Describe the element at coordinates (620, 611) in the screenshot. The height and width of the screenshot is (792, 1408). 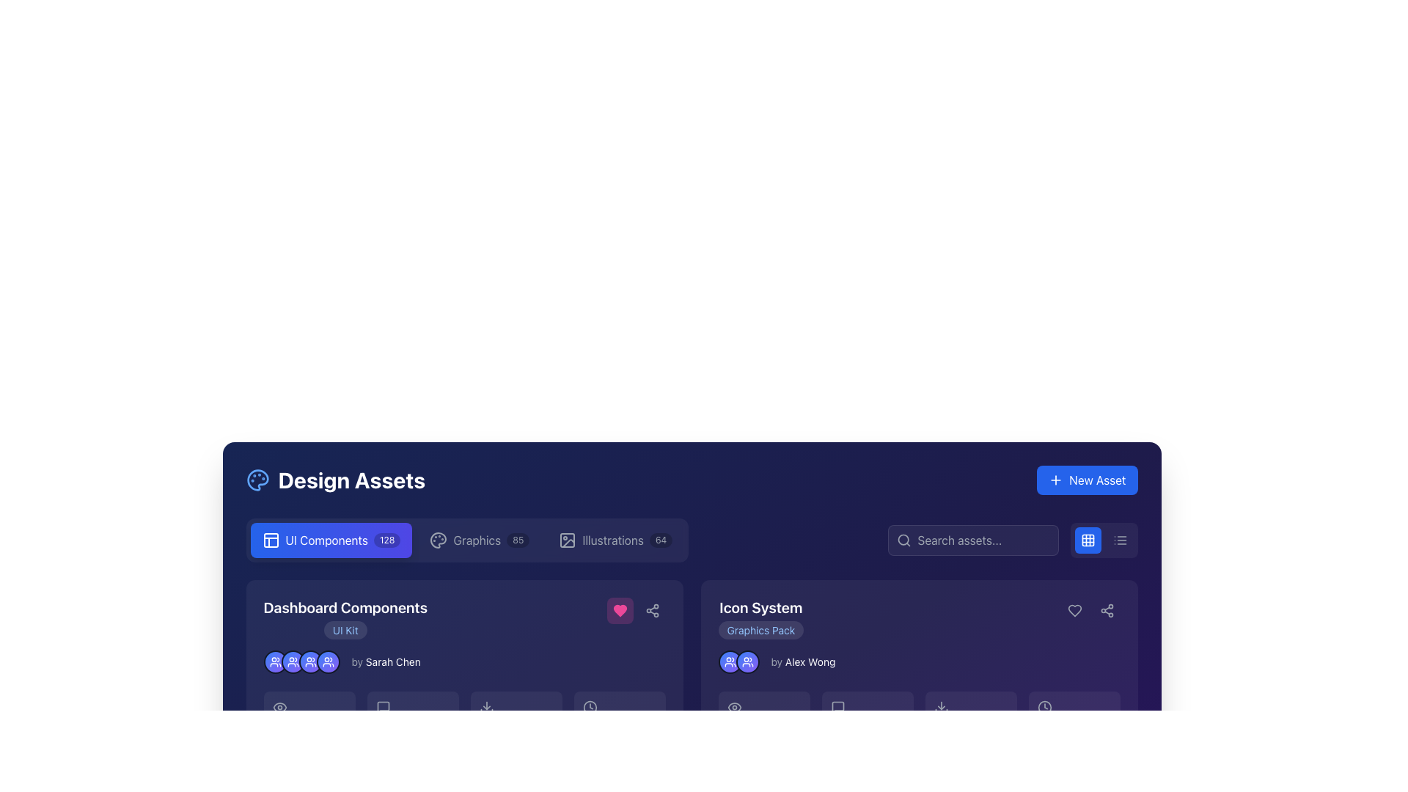
I see `the heart icon button filled with a pink shade located in the top-right portion of the 'Dashboard Components' card` at that location.